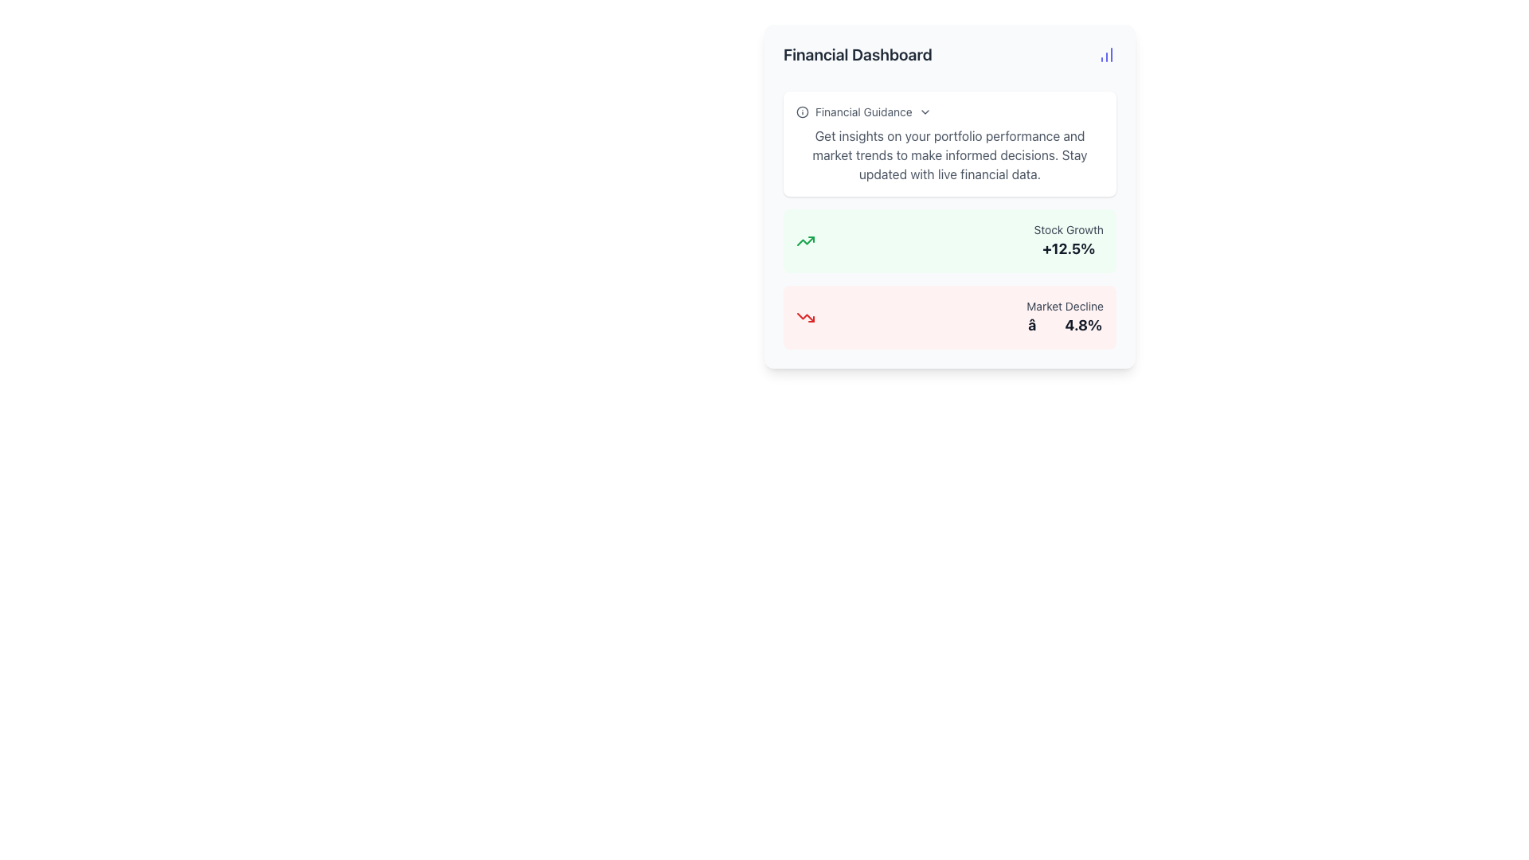 The height and width of the screenshot is (860, 1529). What do you see at coordinates (806, 241) in the screenshot?
I see `the upward trending icon representing growth` at bounding box center [806, 241].